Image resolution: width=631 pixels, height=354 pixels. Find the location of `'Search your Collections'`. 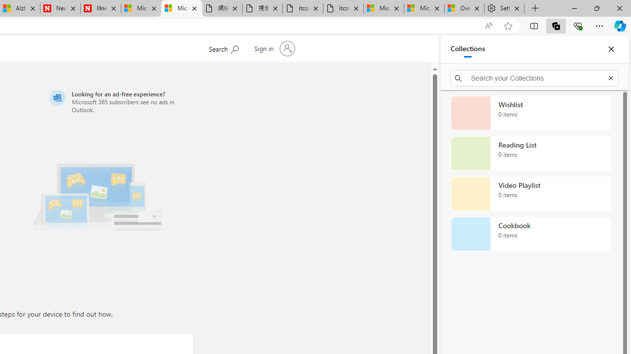

'Search your Collections' is located at coordinates (534, 78).